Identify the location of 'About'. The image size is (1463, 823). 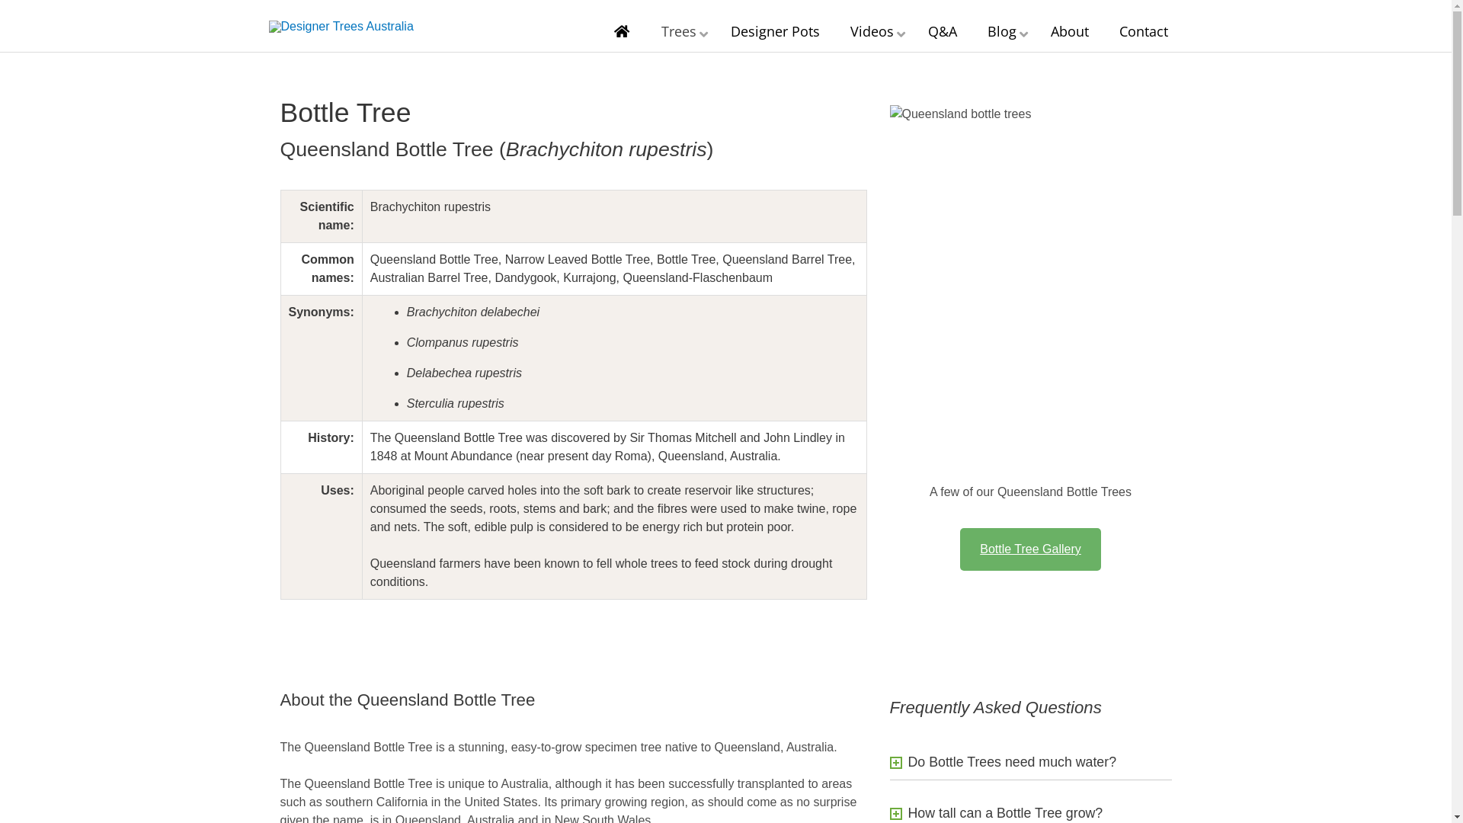
(1068, 31).